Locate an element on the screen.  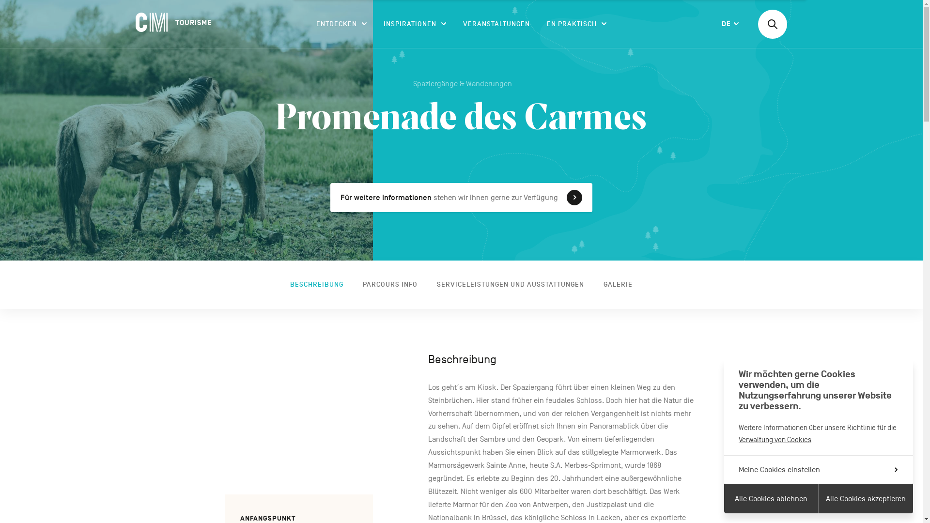
'CM Tourisme DE' is located at coordinates (174, 22).